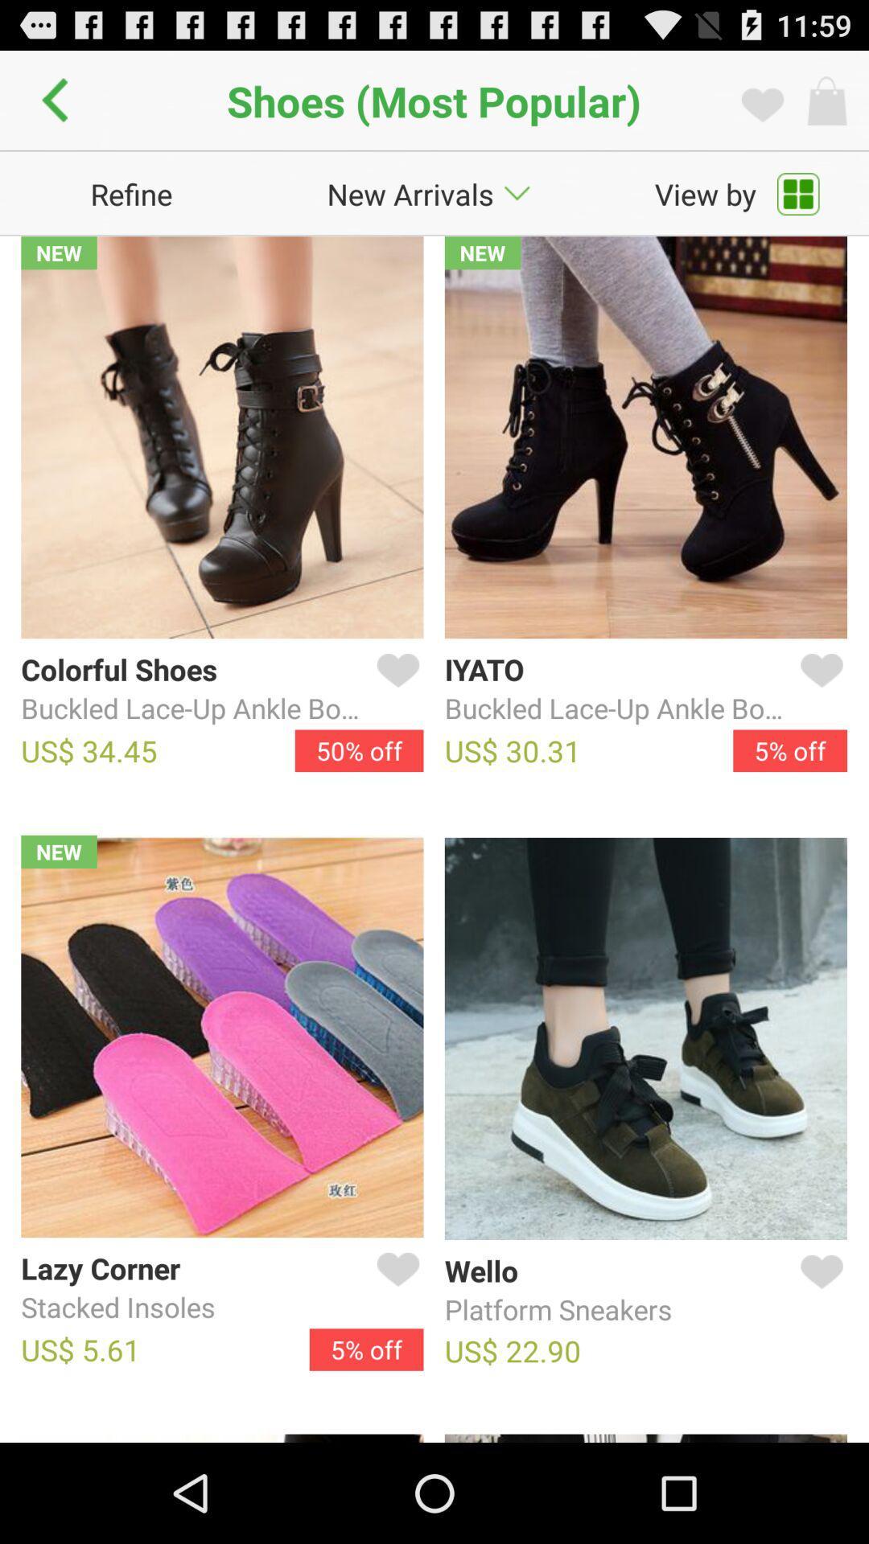 The width and height of the screenshot is (869, 1544). I want to click on button to favorite or bookmark a product, so click(394, 1288).